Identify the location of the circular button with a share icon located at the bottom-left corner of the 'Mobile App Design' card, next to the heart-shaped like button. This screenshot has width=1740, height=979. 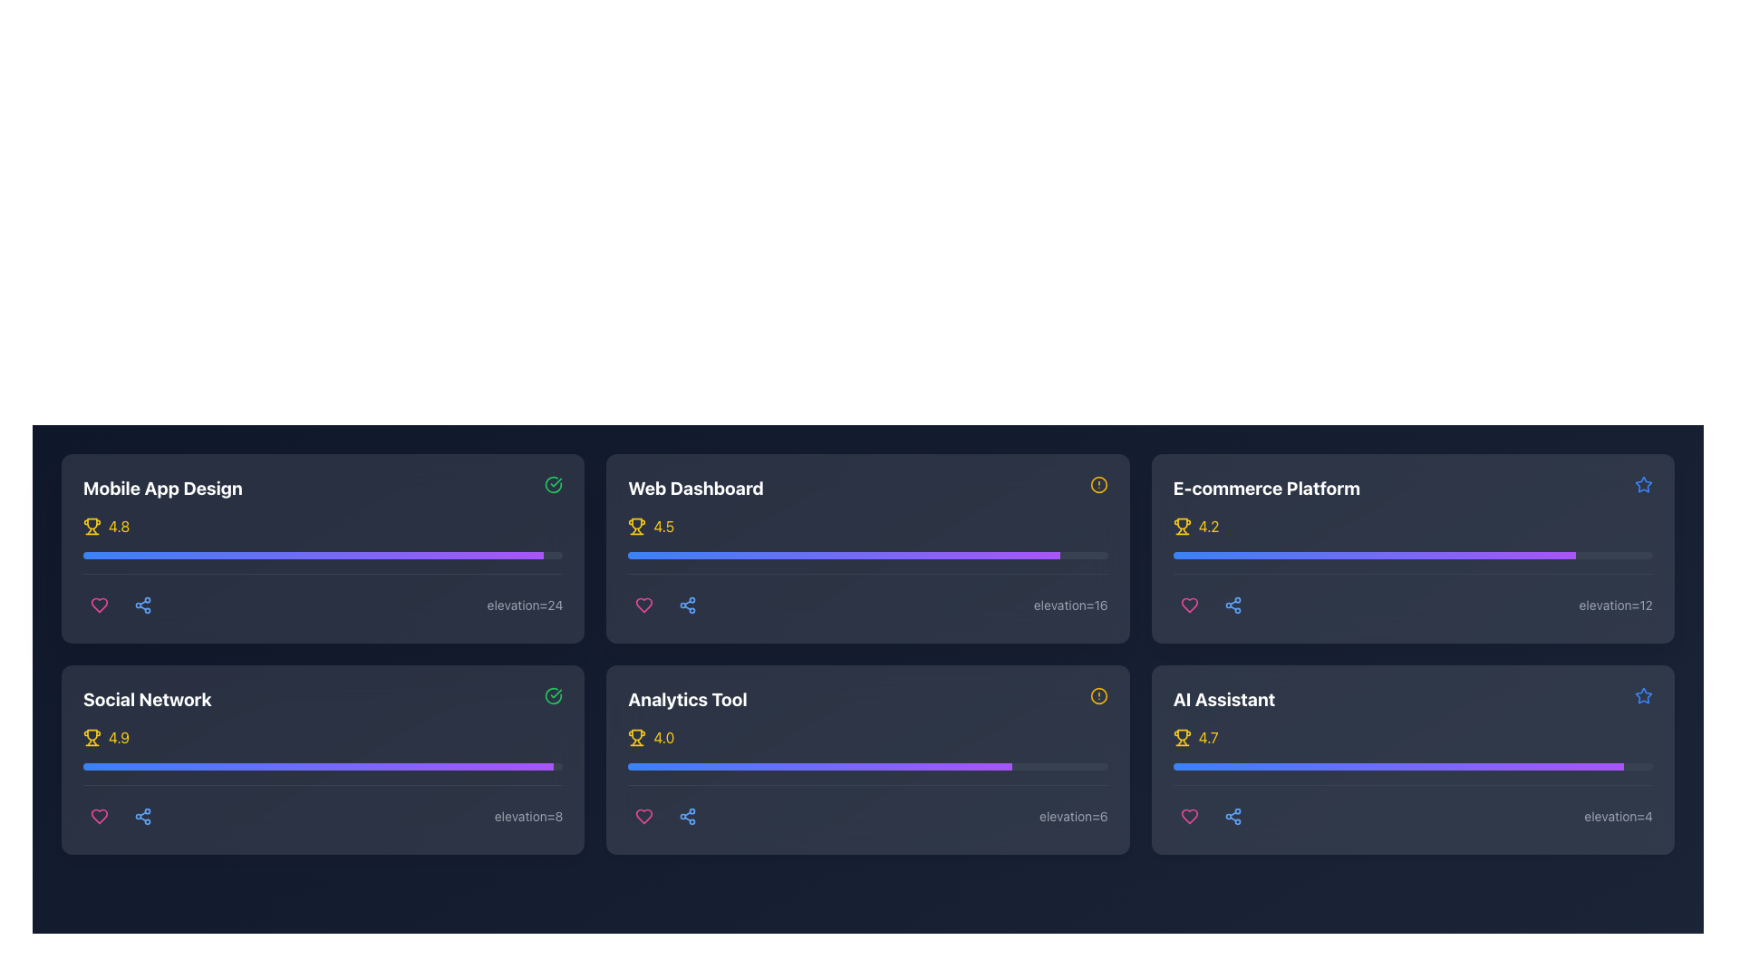
(142, 605).